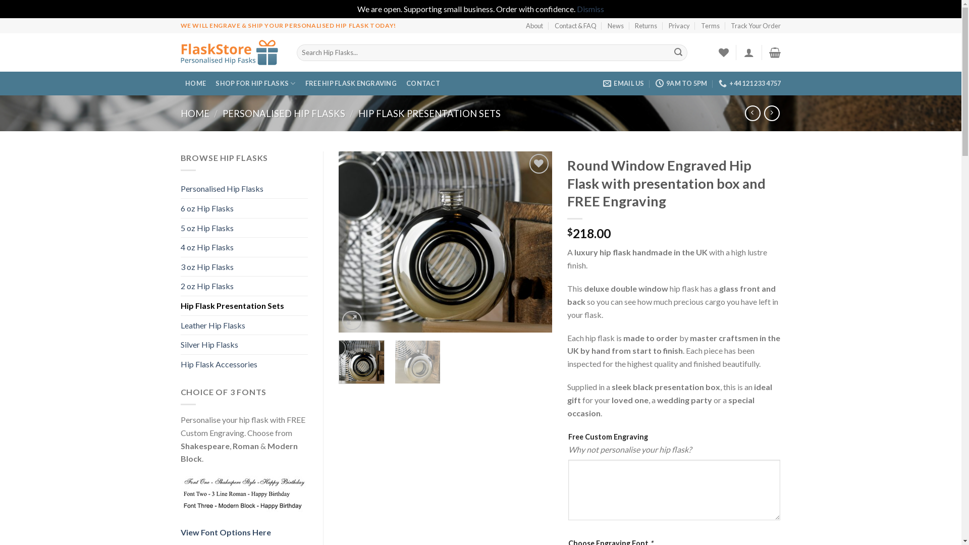 The width and height of the screenshot is (969, 545). Describe the element at coordinates (244, 207) in the screenshot. I see `'6 oz Hip Flasks'` at that location.